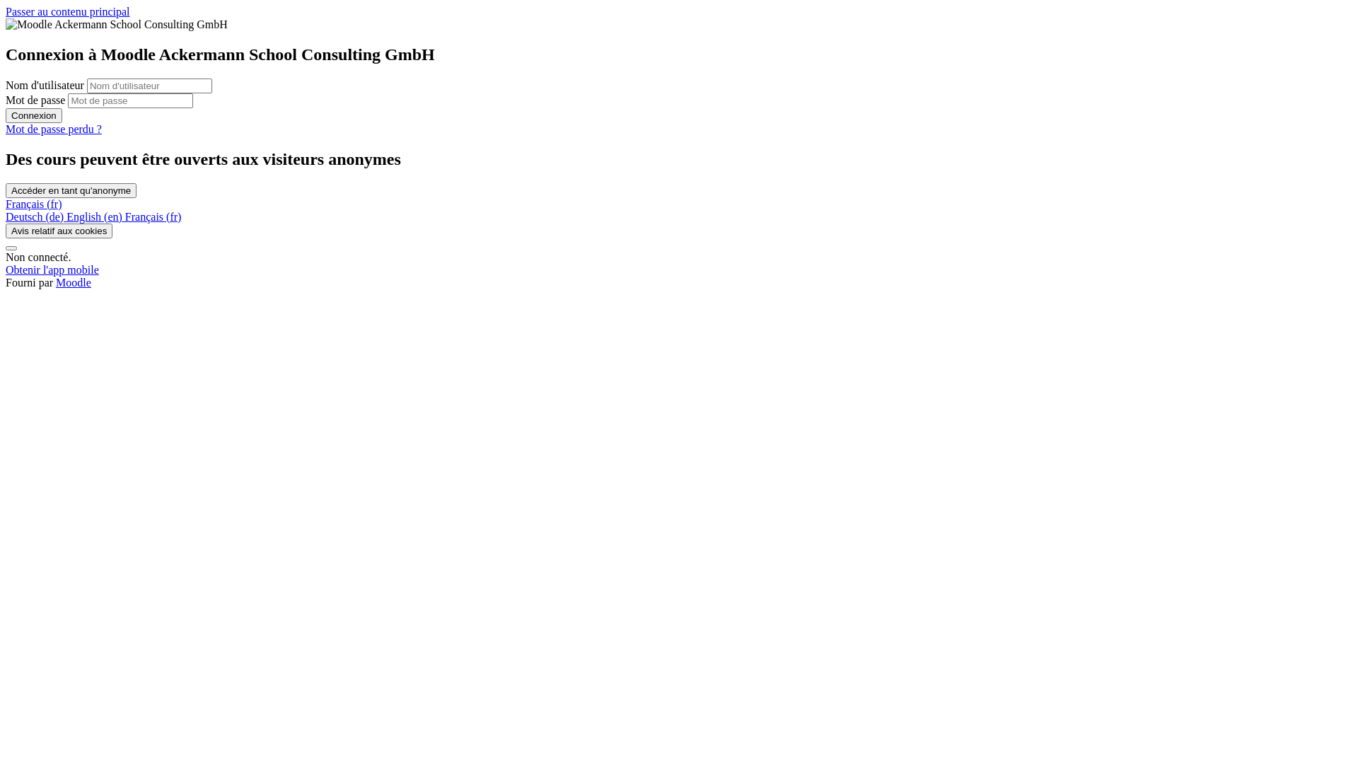  Describe the element at coordinates (6, 115) in the screenshot. I see `'Connexion'` at that location.